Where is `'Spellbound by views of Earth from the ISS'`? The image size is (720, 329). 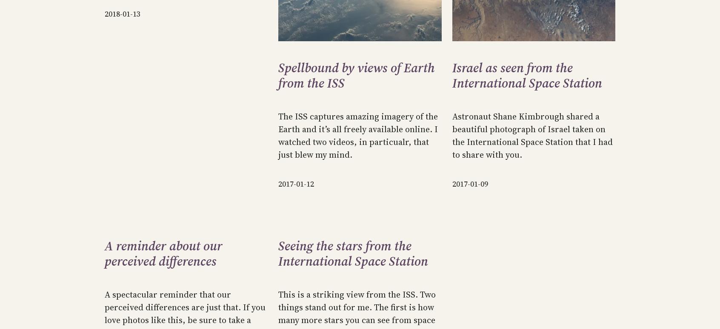 'Spellbound by views of Earth from the ISS' is located at coordinates (357, 75).